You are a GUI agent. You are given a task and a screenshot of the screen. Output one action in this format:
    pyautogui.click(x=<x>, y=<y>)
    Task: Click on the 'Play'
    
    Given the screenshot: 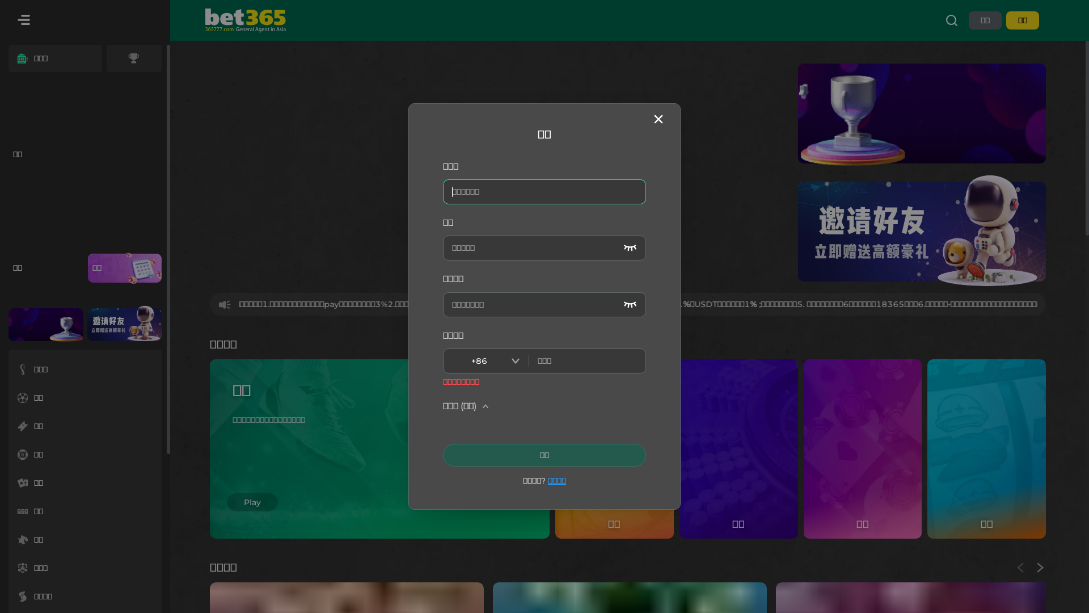 What is the action you would take?
    pyautogui.click(x=252, y=501)
    